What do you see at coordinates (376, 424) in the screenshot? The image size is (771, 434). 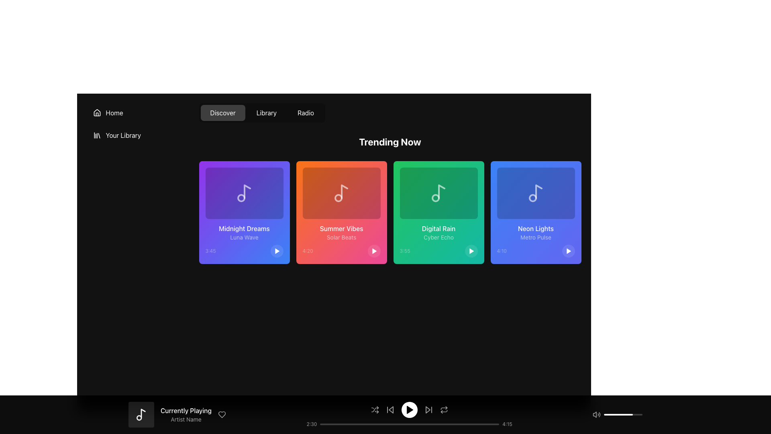 I see `playback position` at bounding box center [376, 424].